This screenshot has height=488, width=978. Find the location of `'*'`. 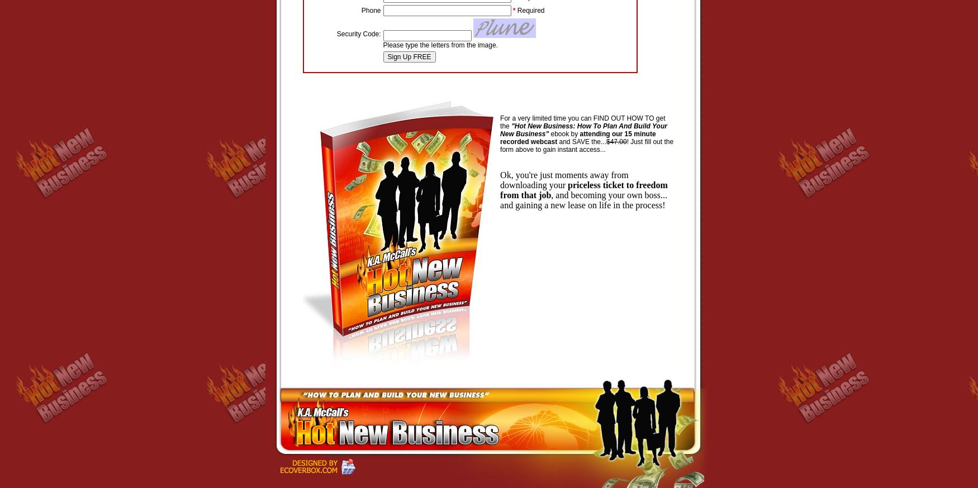

'*' is located at coordinates (513, 9).